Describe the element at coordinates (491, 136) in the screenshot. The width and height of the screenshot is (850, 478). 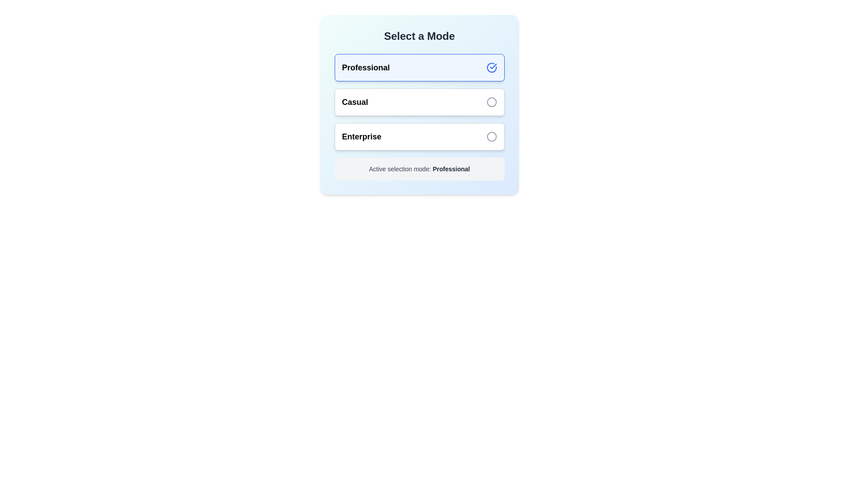
I see `the radio button indicator for the 'Enterprise' mode to get its focus state` at that location.